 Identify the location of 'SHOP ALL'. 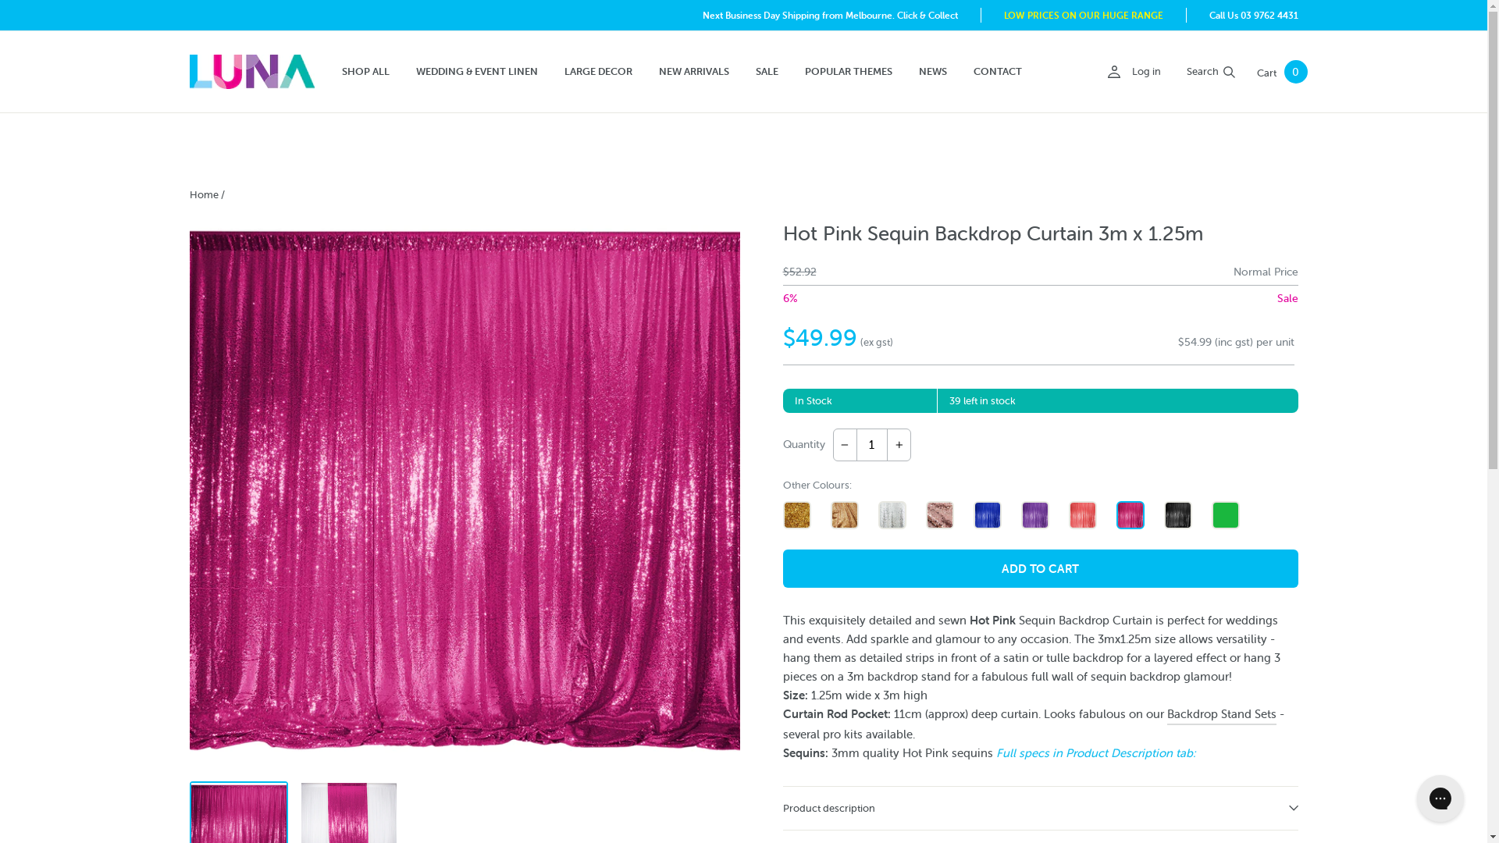
(364, 72).